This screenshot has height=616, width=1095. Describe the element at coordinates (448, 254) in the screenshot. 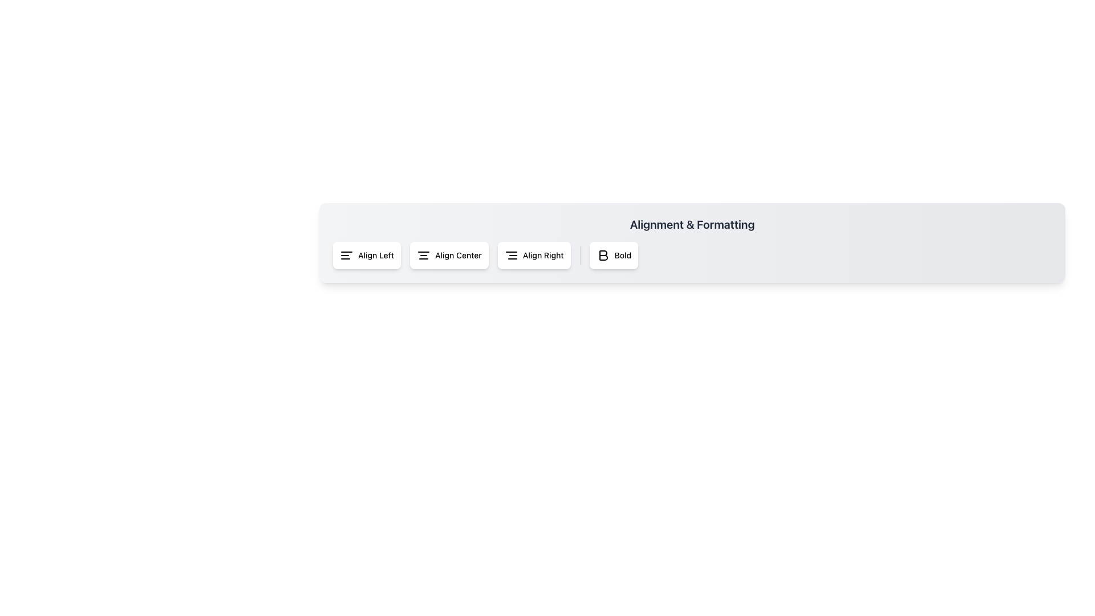

I see `the center alignment button, which is located between the 'Align Left' and 'Align Right' buttons` at that location.